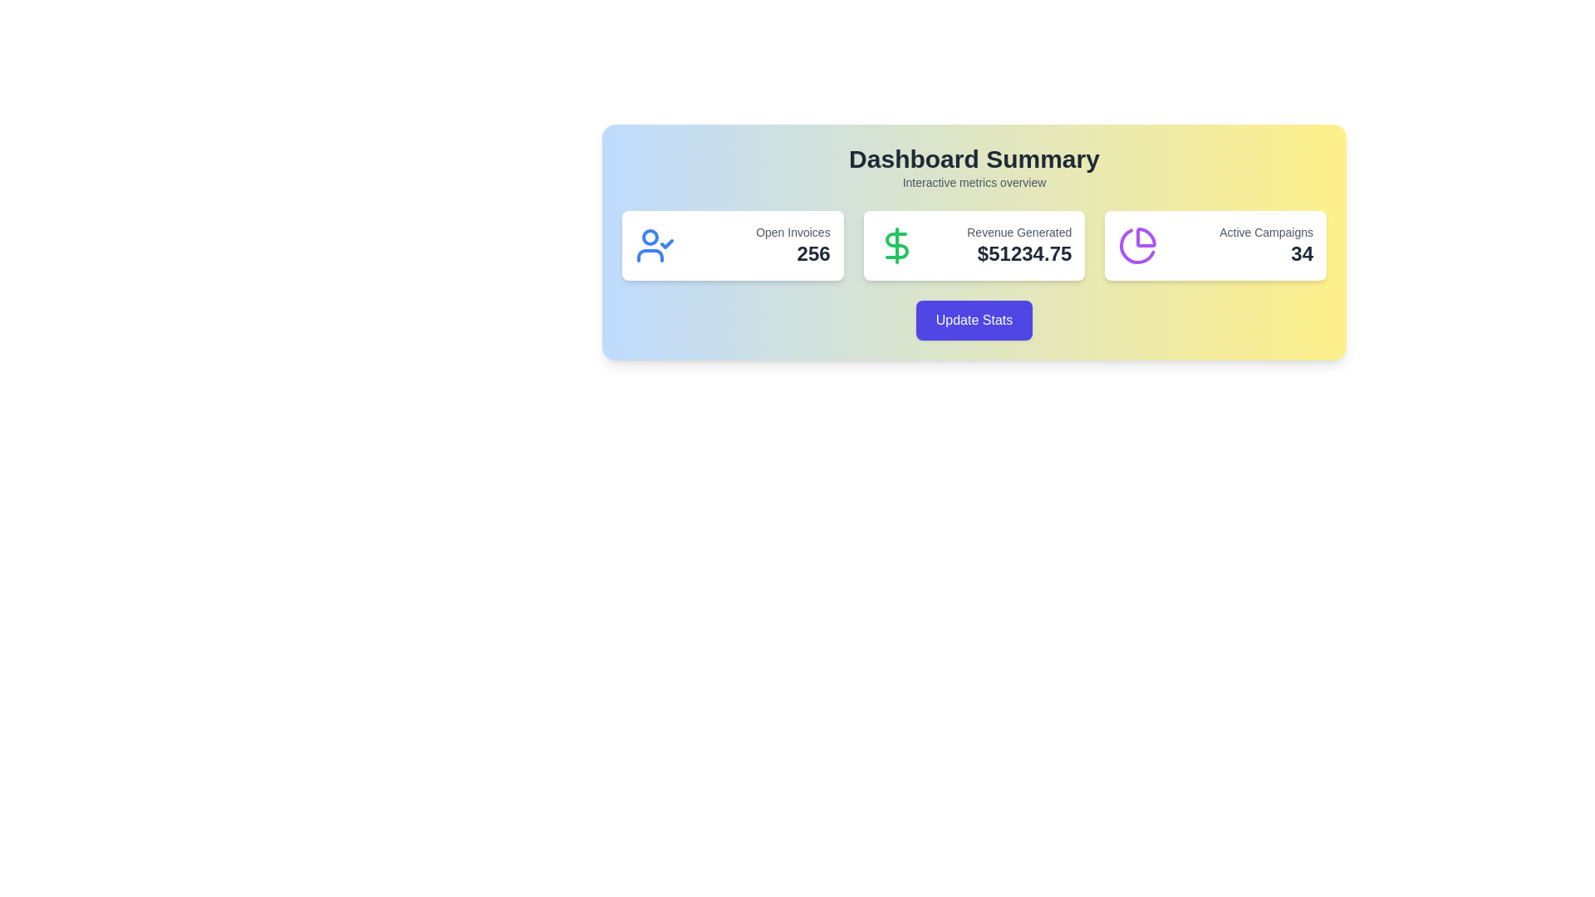 Image resolution: width=1595 pixels, height=897 pixels. Describe the element at coordinates (1018, 233) in the screenshot. I see `the text label that says 'Revenue Generated', which is styled in a smaller font size and muted gray color, located above the bold text '$51234.75' in the second card of the middle section of the interface` at that location.